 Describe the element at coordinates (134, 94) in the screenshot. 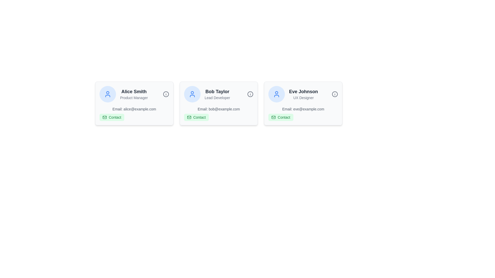

I see `the profile header displaying the name 'Alice Smith' and her job title, which is located at the top of the first profile card in a horizontally aligned group of profile cards` at that location.